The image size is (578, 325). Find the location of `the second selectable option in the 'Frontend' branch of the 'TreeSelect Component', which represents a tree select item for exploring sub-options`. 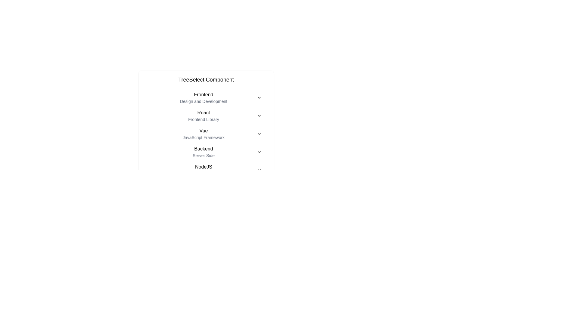

the second selectable option in the 'Frontend' branch of the 'TreeSelect Component', which represents a tree select item for exploring sub-options is located at coordinates (206, 116).